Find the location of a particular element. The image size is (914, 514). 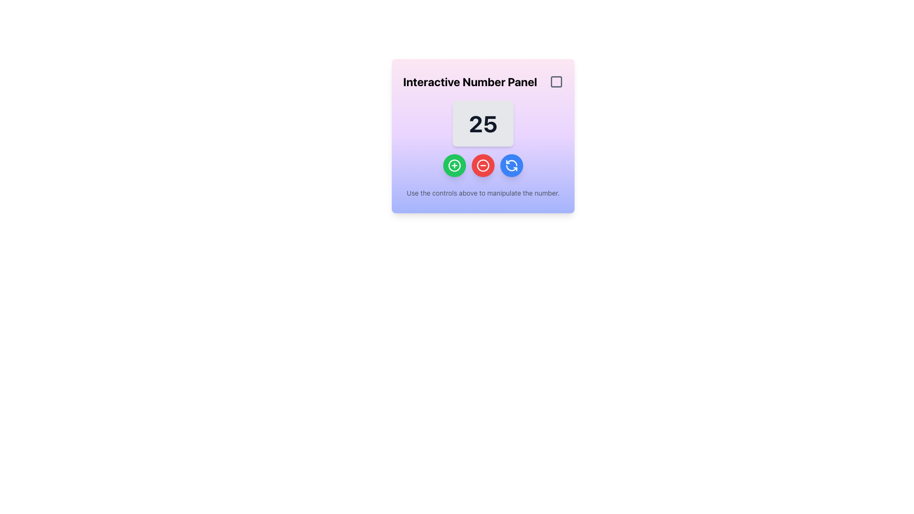

the last circular control button, which is aligned to the right among three buttons below the displayed number is located at coordinates (511, 165).